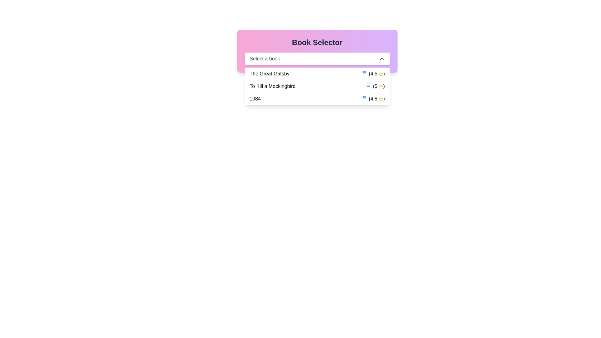 Image resolution: width=601 pixels, height=338 pixels. What do you see at coordinates (317, 99) in the screenshot?
I see `the third item in the dropdown menu that allows the user to select '1984' under 'Select a book'` at bounding box center [317, 99].